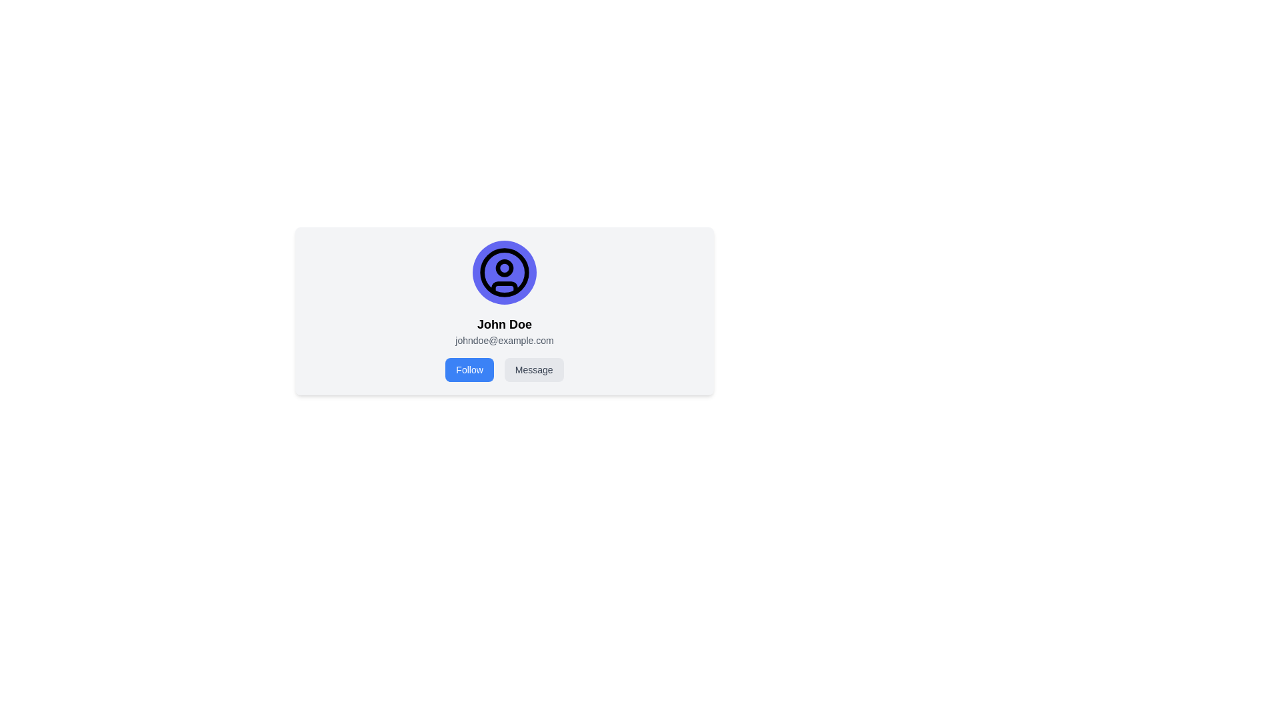  I want to click on the email address displayed below 'John Doe' in the profile card, which is the last visible text element and centrally aligned, so click(504, 339).